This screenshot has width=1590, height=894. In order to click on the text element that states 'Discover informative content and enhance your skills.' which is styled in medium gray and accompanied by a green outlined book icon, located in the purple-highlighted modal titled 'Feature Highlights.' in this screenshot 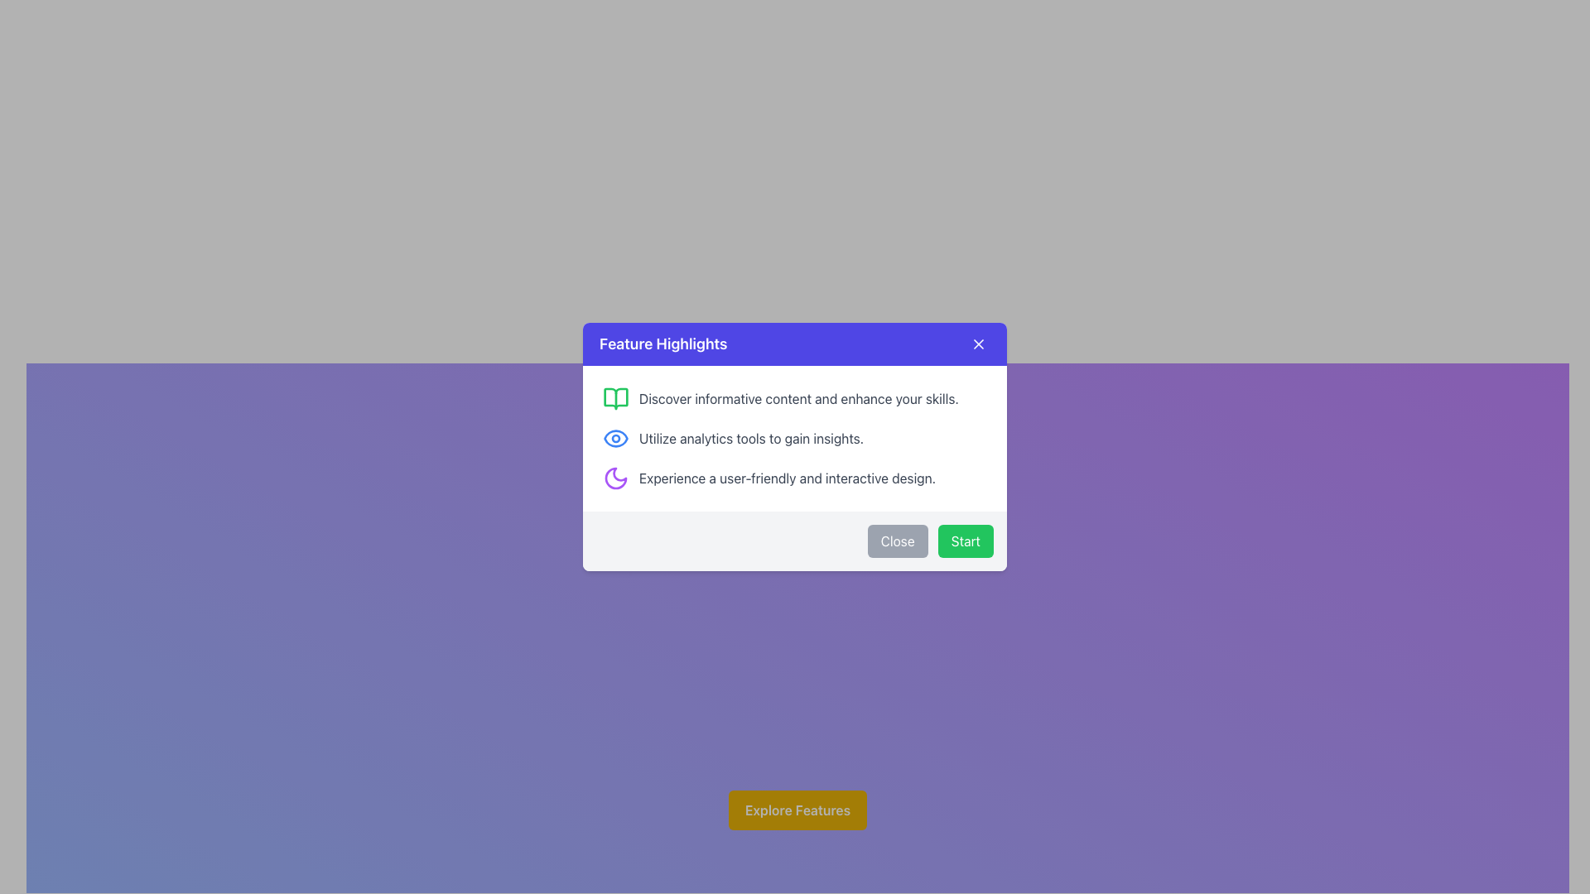, I will do `click(795, 399)`.